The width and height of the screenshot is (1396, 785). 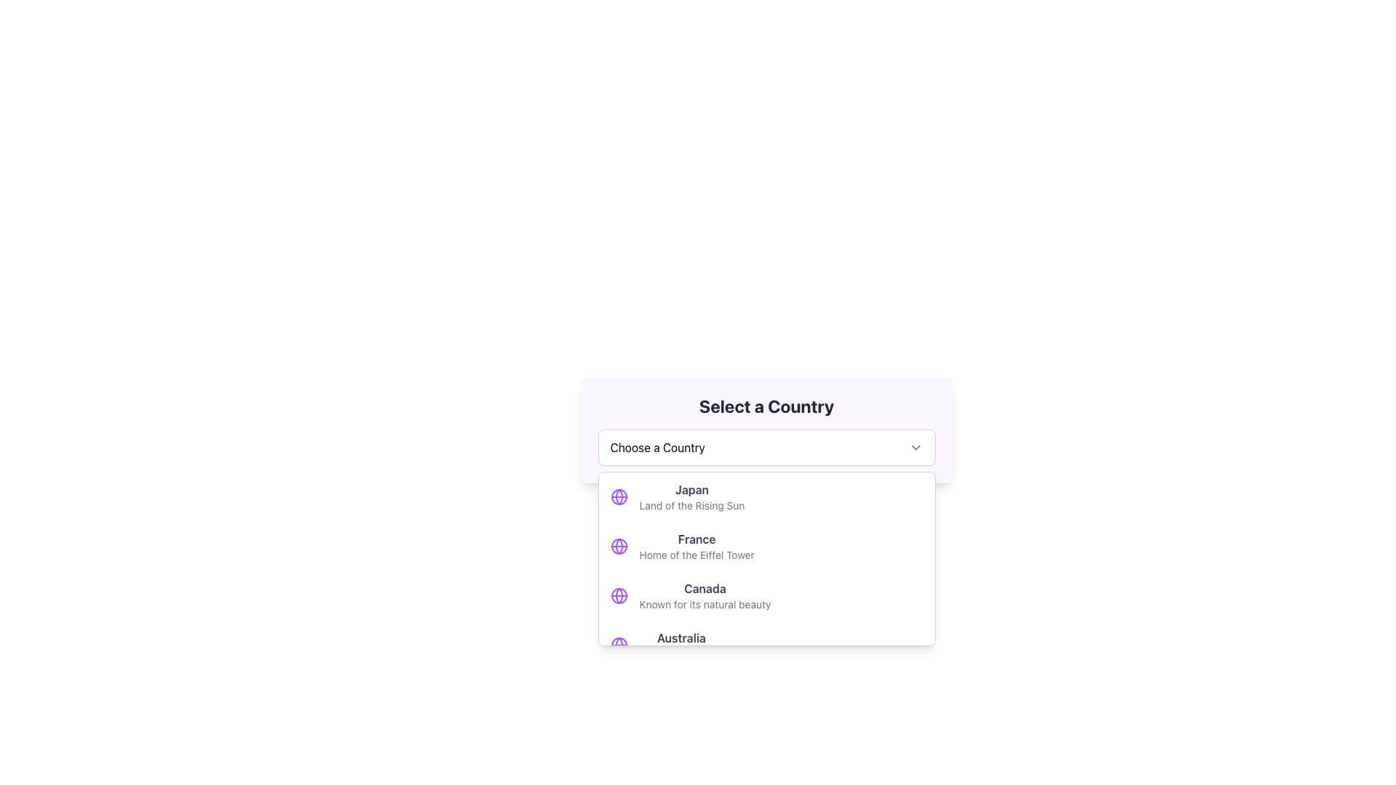 What do you see at coordinates (705, 589) in the screenshot?
I see `the text element displaying 'Canada' in the dropdown menu 'Select a Country'` at bounding box center [705, 589].